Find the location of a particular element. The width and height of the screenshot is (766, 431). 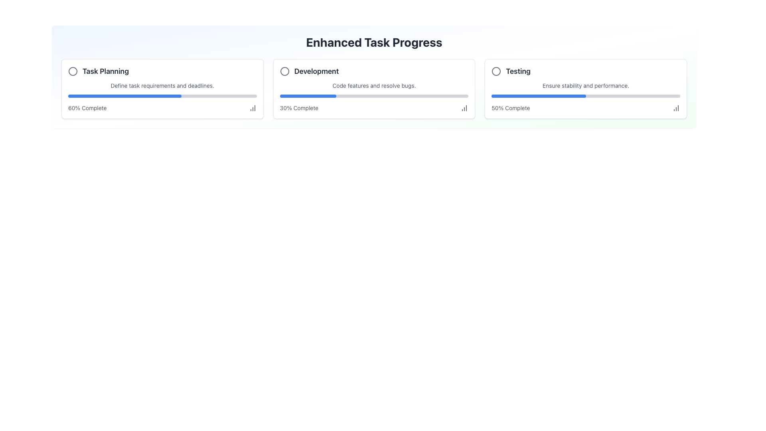

the visual representation of the outlined circle icon located in the 'Testing' section of the UI, positioned at the top-left corner of the card labeled 'Testing' is located at coordinates (496, 71).